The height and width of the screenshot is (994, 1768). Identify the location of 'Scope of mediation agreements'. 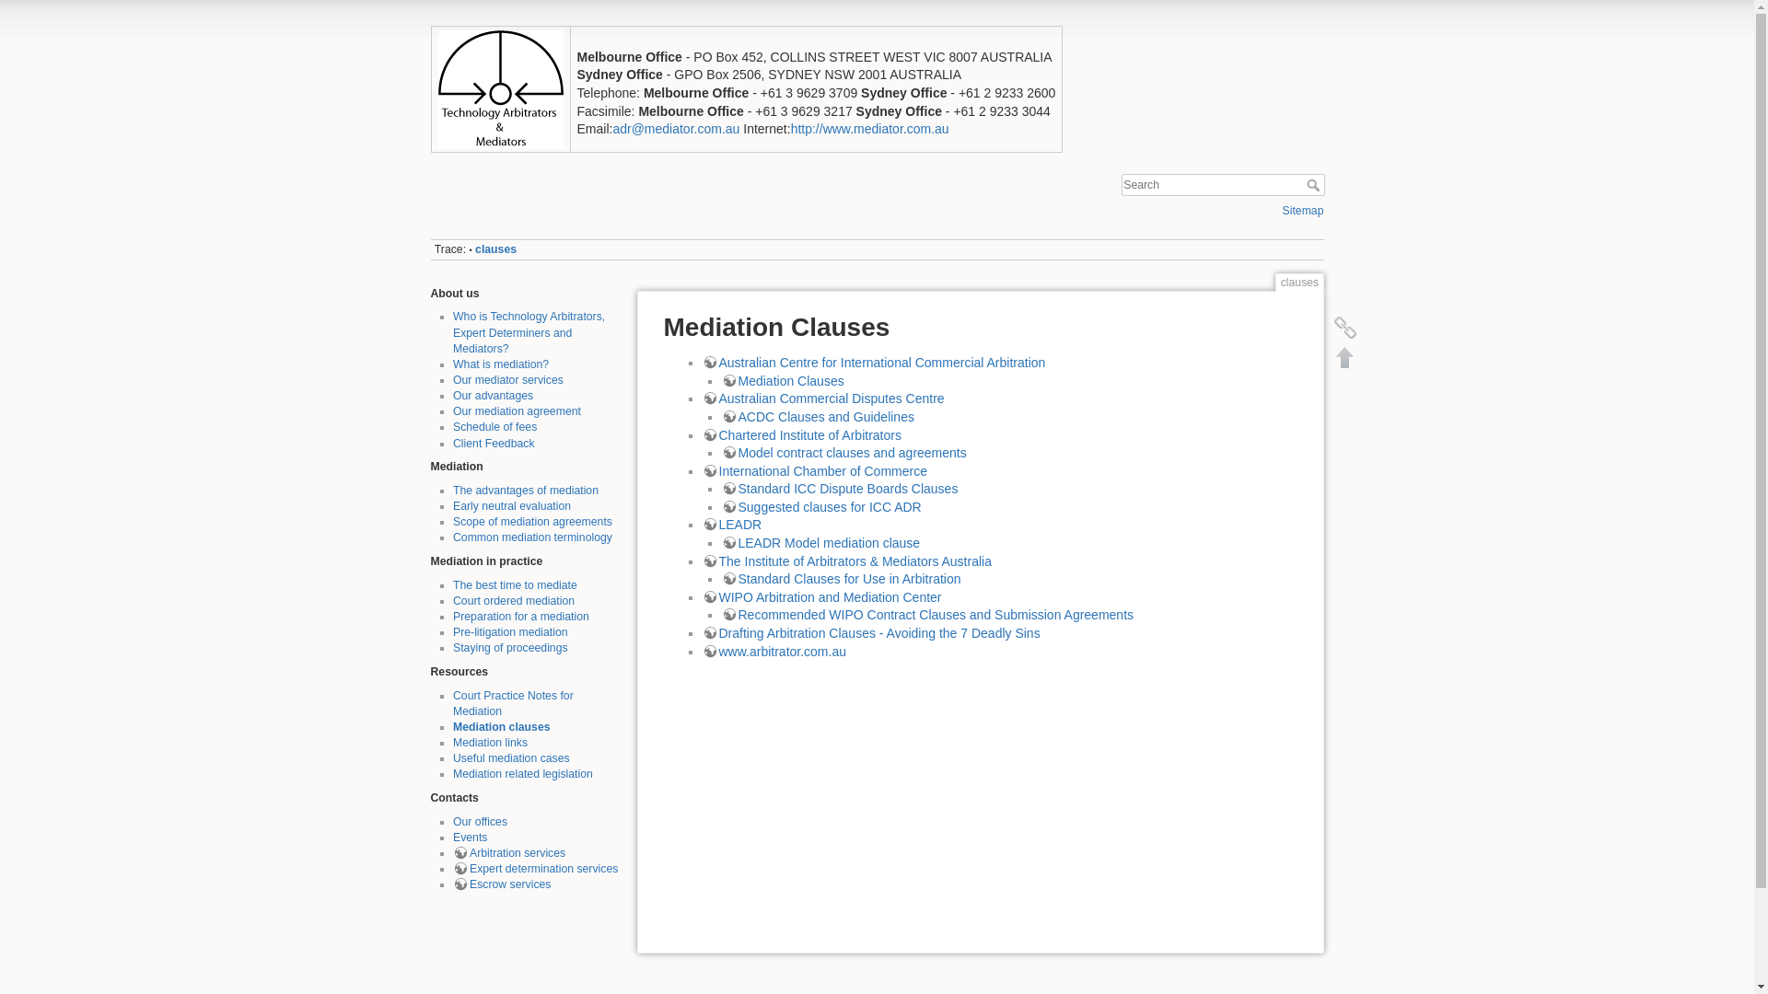
(531, 522).